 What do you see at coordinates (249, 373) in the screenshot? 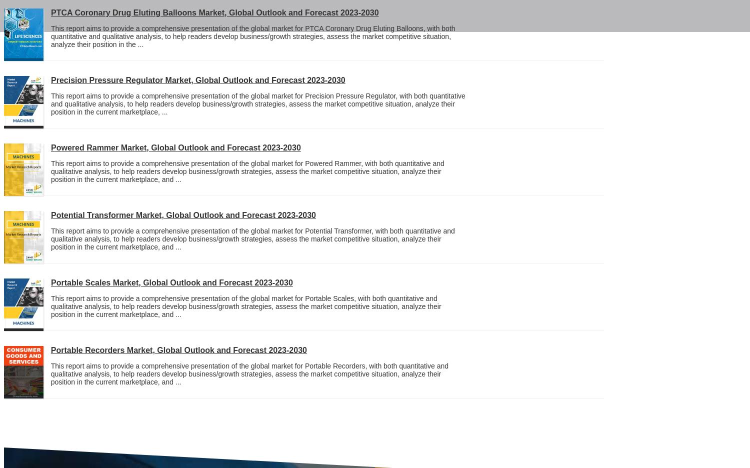
I see `'This report aims to provide a comprehensive presentation of the global market for Portable Recorders, with both quantitative and qualitative analysis, to help readers develop business/growth strategies, assess the market competitive situation, analyze their position in the current marketplace, and ...'` at bounding box center [249, 373].